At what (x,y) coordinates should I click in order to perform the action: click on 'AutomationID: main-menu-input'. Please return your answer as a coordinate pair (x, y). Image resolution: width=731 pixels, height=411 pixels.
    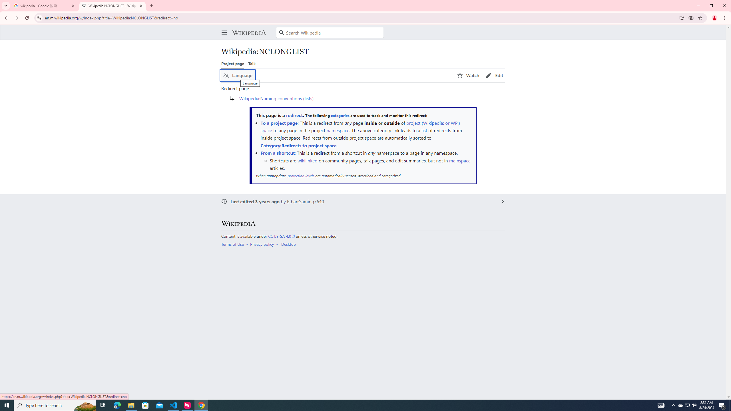
    Looking at the image, I should click on (222, 28).